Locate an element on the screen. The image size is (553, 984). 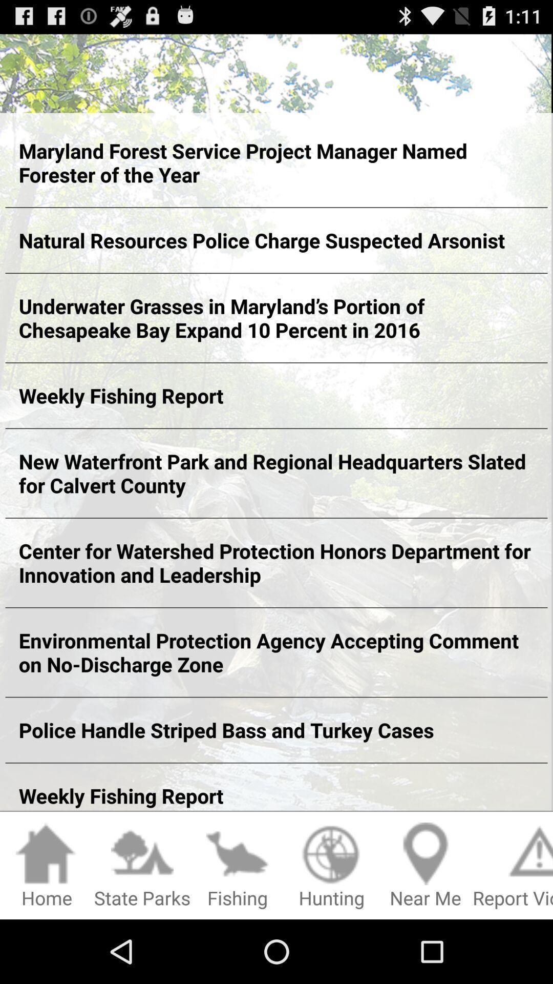
the state parks is located at coordinates (142, 866).